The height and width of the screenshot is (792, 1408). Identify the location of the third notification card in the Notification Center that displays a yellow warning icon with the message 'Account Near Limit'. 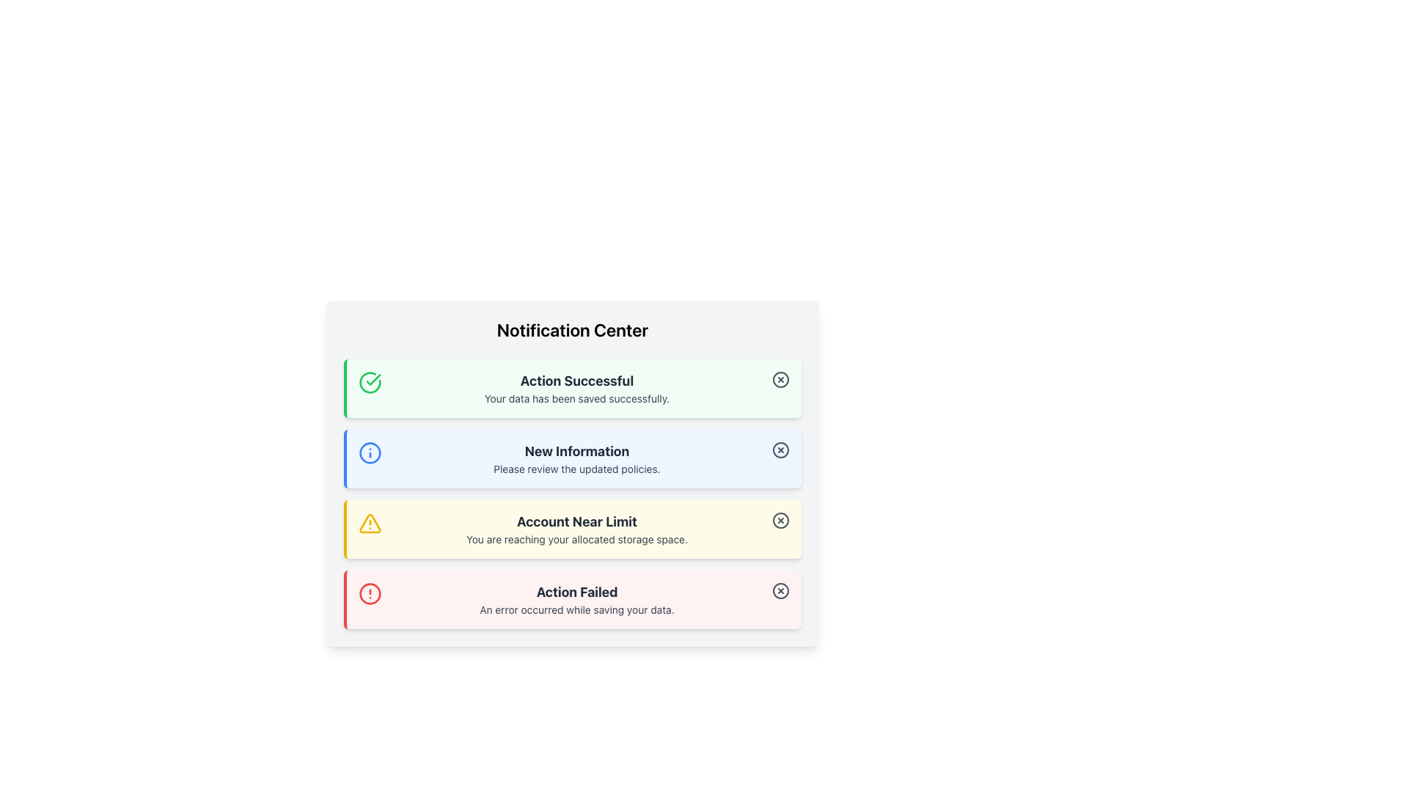
(572, 529).